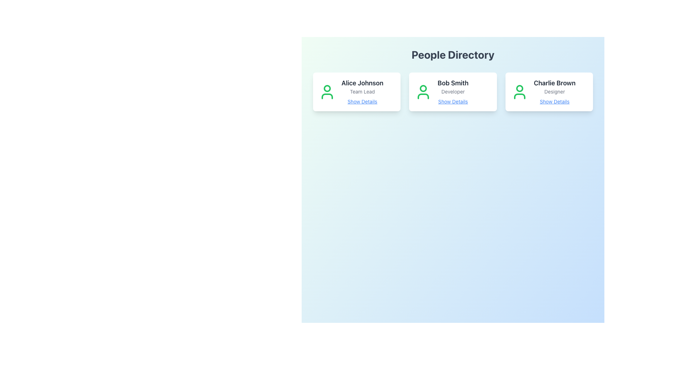 This screenshot has width=683, height=384. What do you see at coordinates (452, 91) in the screenshot?
I see `text label providing additional information about 'Bob Smith', specifying their role as 'Developer', located below 'Bob Smith' in the central card of the 'People Directory'` at bounding box center [452, 91].